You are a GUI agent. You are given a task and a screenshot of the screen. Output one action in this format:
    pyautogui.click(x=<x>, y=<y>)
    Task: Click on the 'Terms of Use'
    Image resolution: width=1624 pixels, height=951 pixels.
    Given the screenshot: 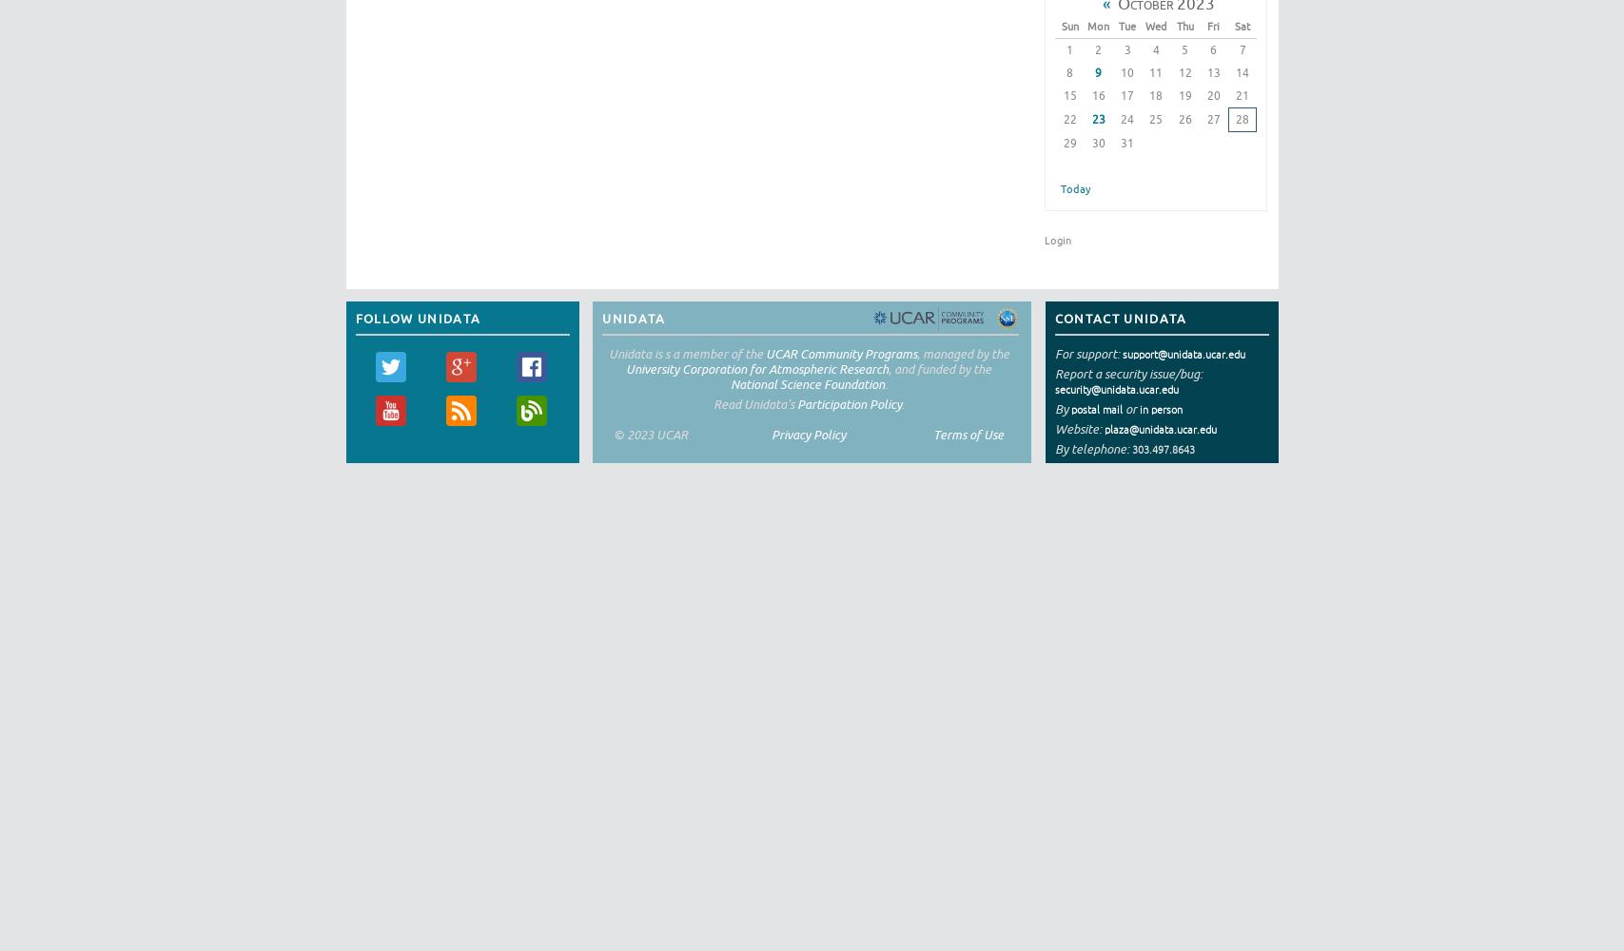 What is the action you would take?
    pyautogui.click(x=968, y=433)
    